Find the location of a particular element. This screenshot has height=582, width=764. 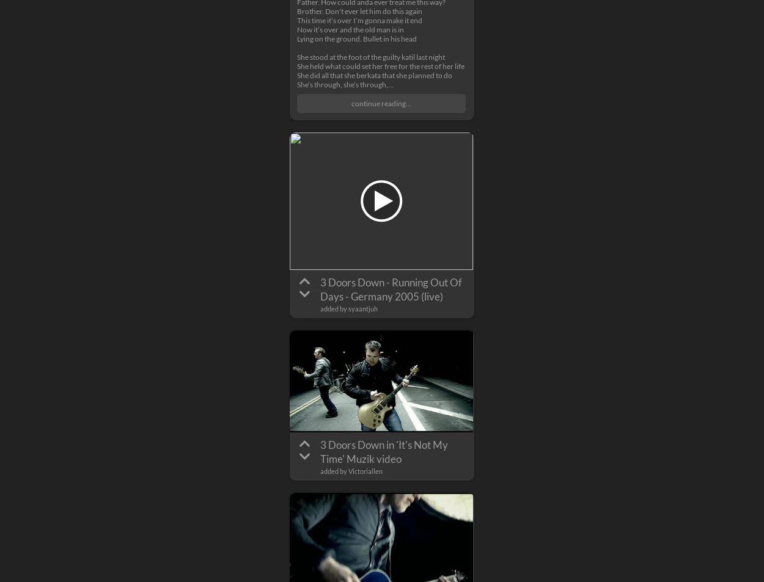

'Now it’s over and the old man is in' is located at coordinates (350, 29).